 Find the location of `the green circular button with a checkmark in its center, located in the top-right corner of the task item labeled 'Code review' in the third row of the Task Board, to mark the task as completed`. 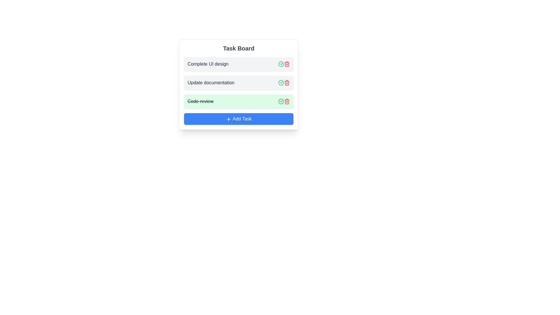

the green circular button with a checkmark in its center, located in the top-right corner of the task item labeled 'Code review' in the third row of the Task Board, to mark the task as completed is located at coordinates (281, 101).